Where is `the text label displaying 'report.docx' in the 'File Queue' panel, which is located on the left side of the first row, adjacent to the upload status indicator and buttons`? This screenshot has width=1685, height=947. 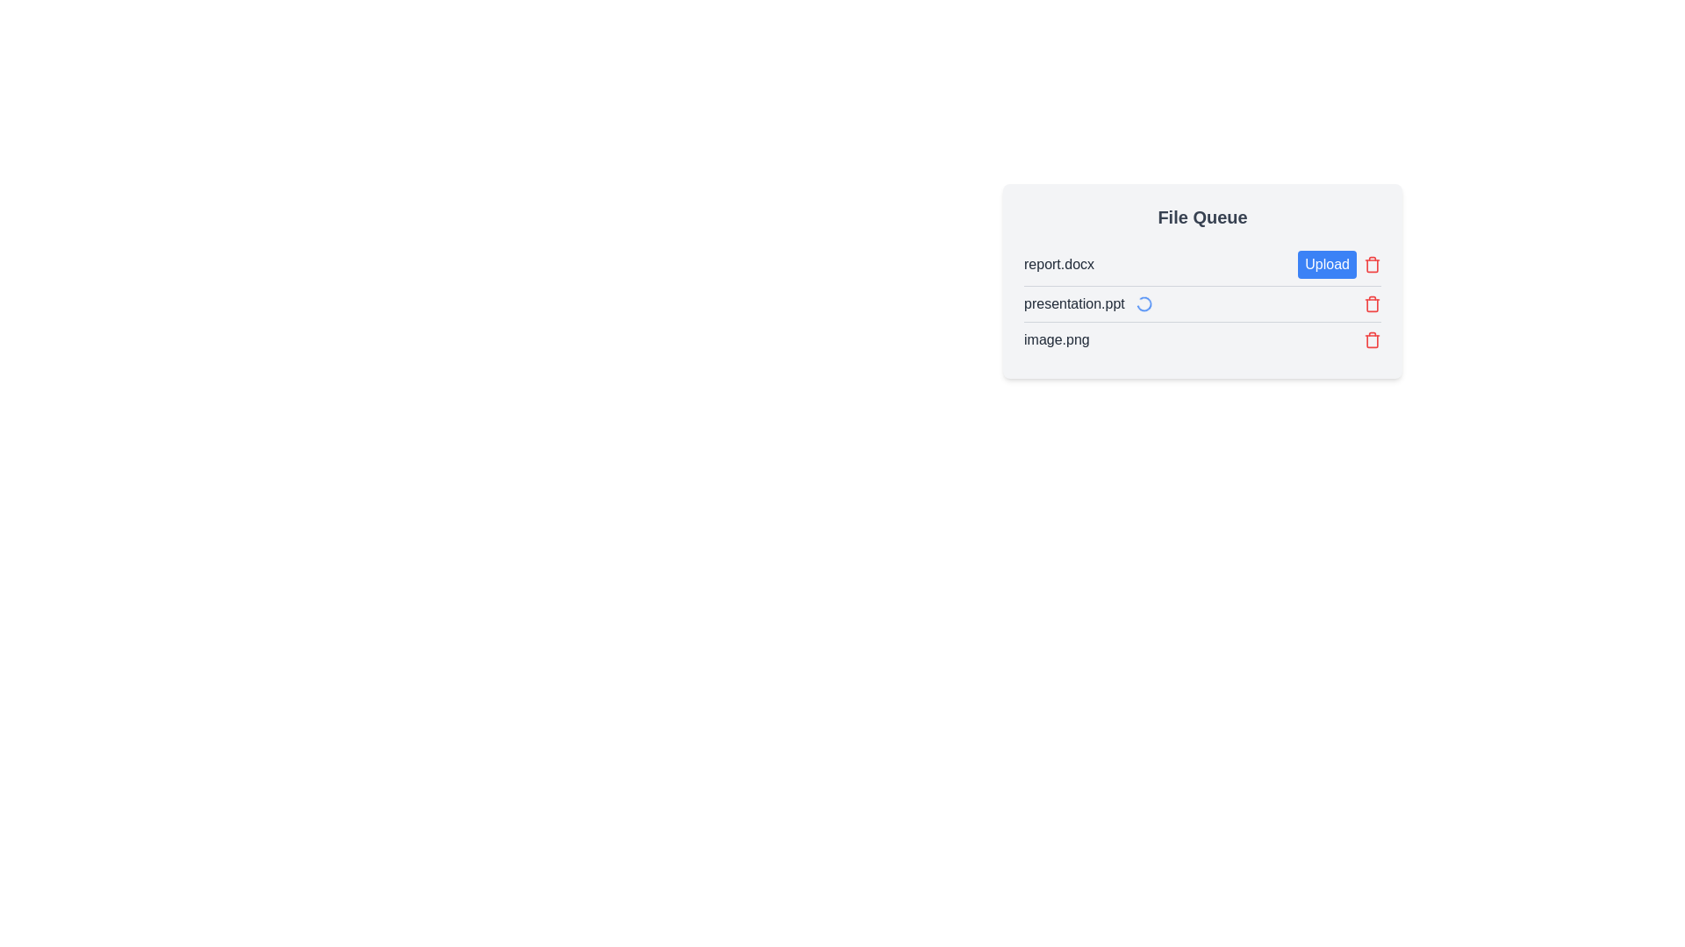 the text label displaying 'report.docx' in the 'File Queue' panel, which is located on the left side of the first row, adjacent to the upload status indicator and buttons is located at coordinates (1058, 264).